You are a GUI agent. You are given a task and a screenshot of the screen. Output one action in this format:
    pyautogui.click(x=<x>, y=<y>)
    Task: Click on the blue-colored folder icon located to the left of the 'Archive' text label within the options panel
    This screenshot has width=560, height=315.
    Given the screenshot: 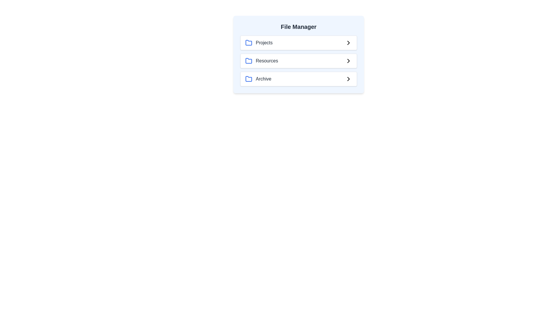 What is the action you would take?
    pyautogui.click(x=249, y=79)
    